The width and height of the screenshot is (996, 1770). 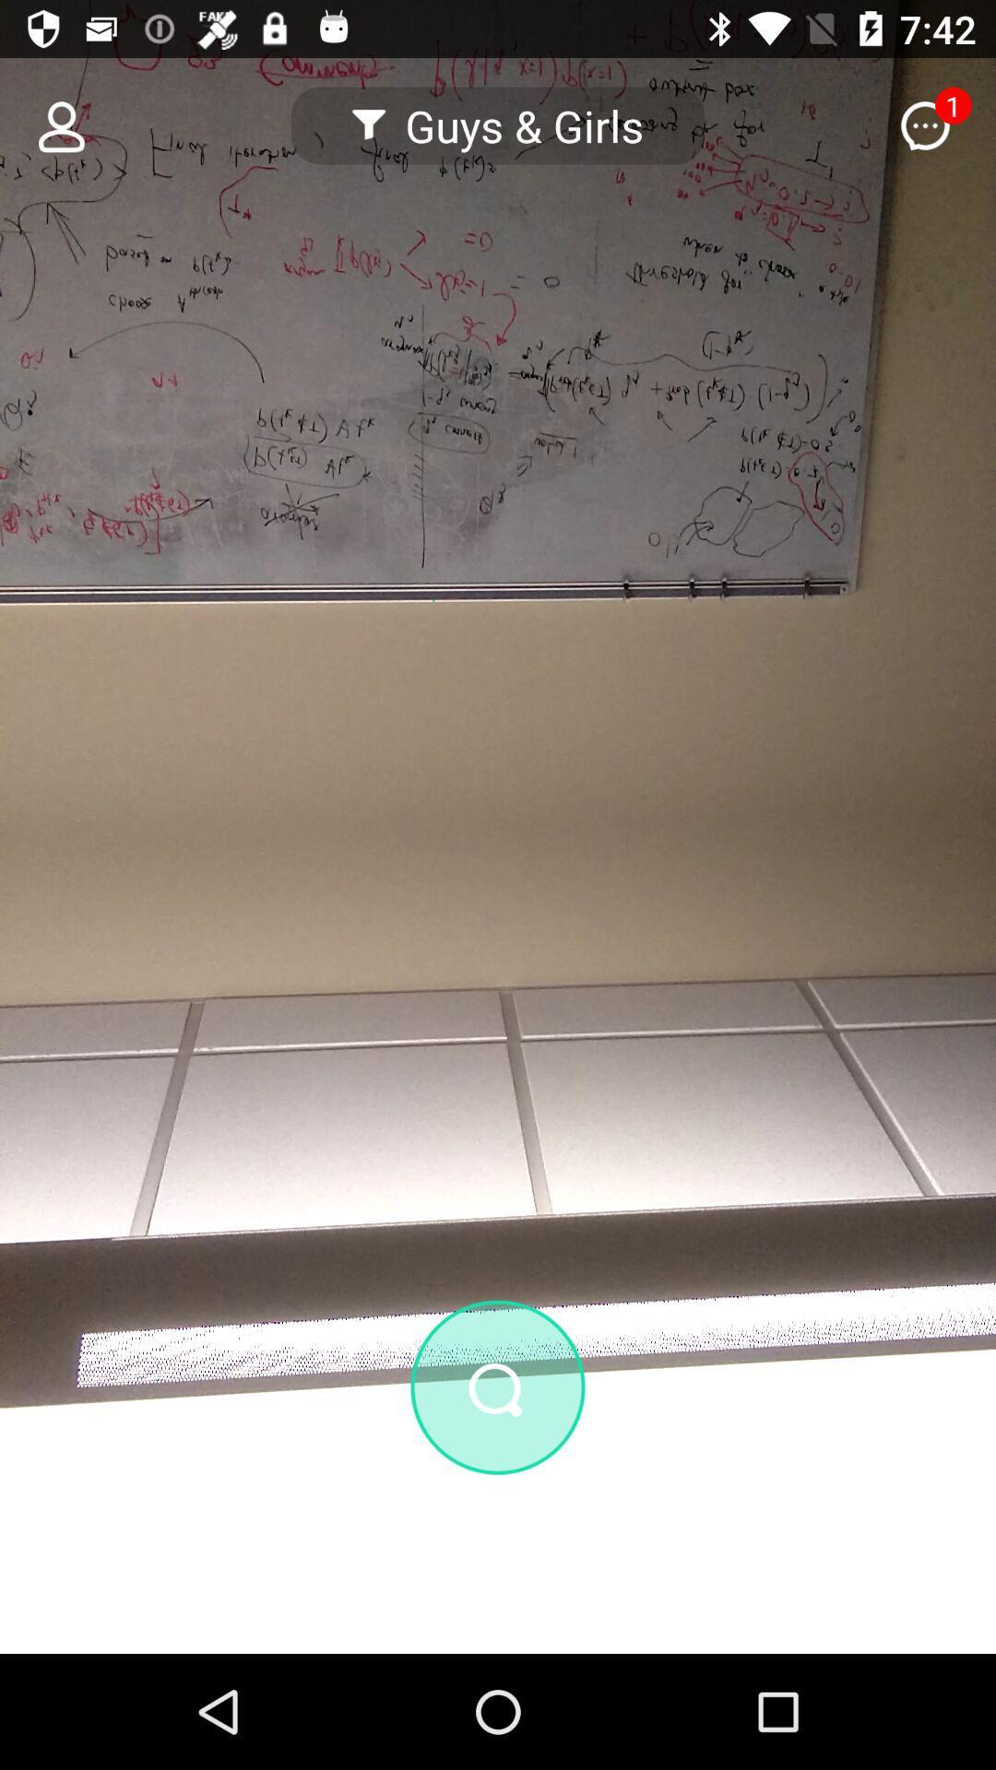 What do you see at coordinates (498, 1387) in the screenshot?
I see `opens the search box` at bounding box center [498, 1387].